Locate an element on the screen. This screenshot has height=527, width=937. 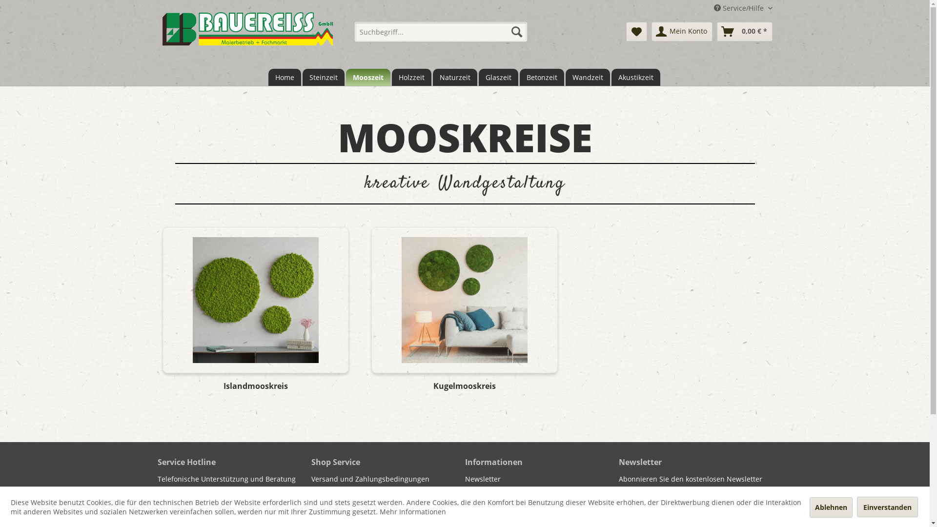
'Kugelmooskreis' is located at coordinates (464, 299).